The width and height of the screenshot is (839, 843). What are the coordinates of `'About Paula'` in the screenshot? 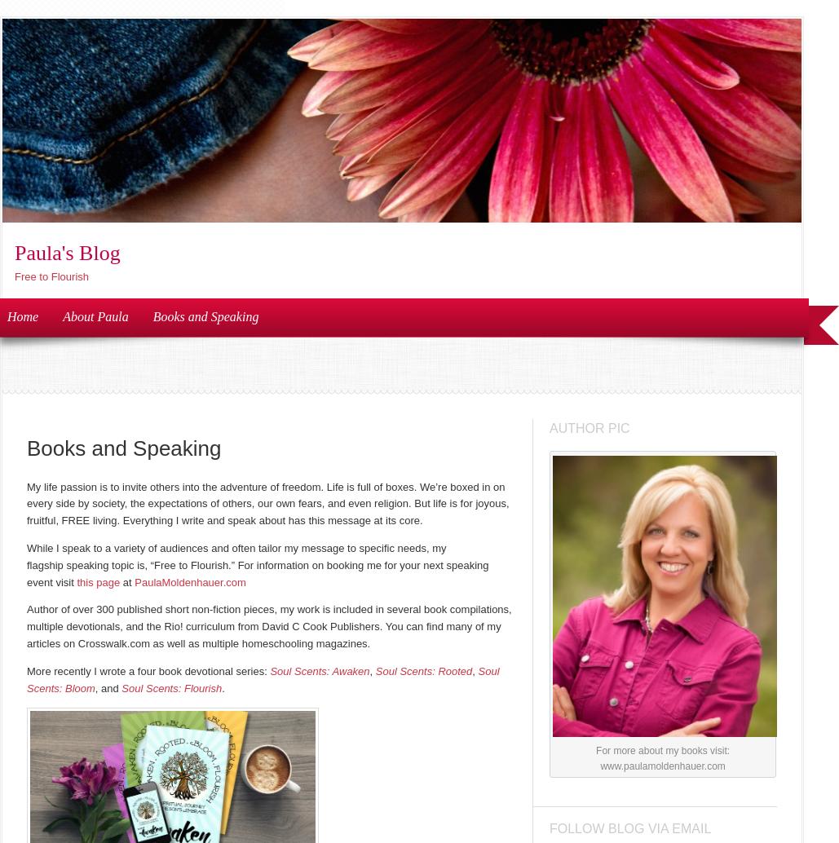 It's located at (94, 315).